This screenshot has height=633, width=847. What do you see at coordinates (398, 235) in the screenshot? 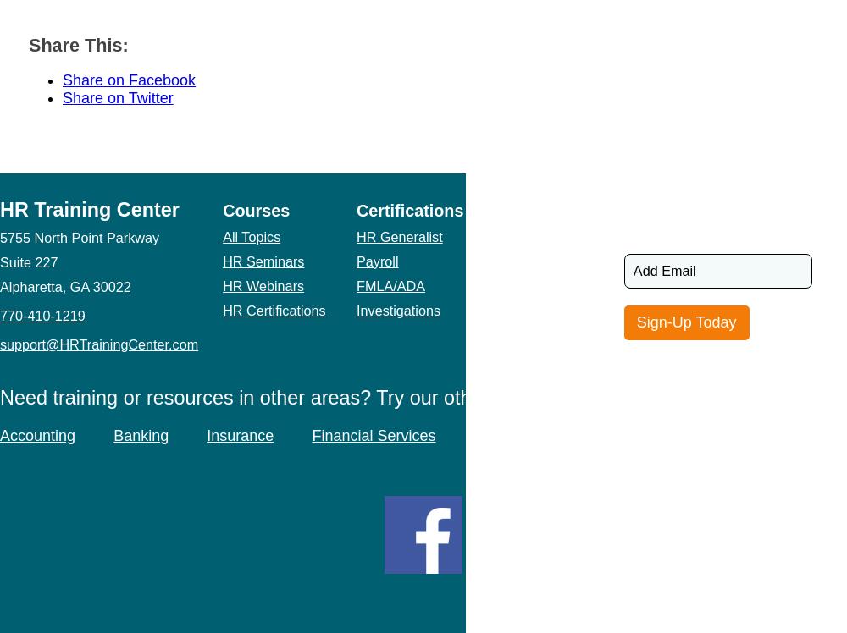
I see `'HR Generalist'` at bounding box center [398, 235].